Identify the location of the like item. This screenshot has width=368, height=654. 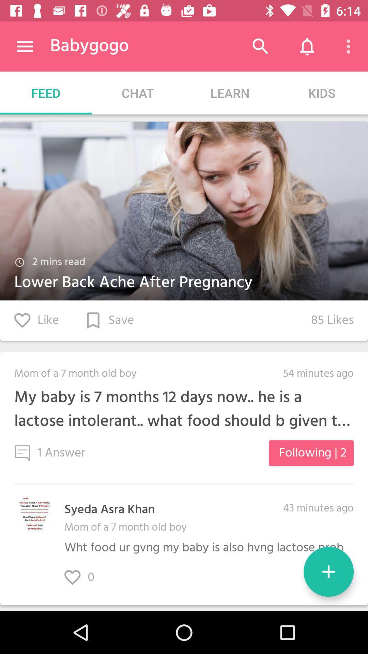
(36, 320).